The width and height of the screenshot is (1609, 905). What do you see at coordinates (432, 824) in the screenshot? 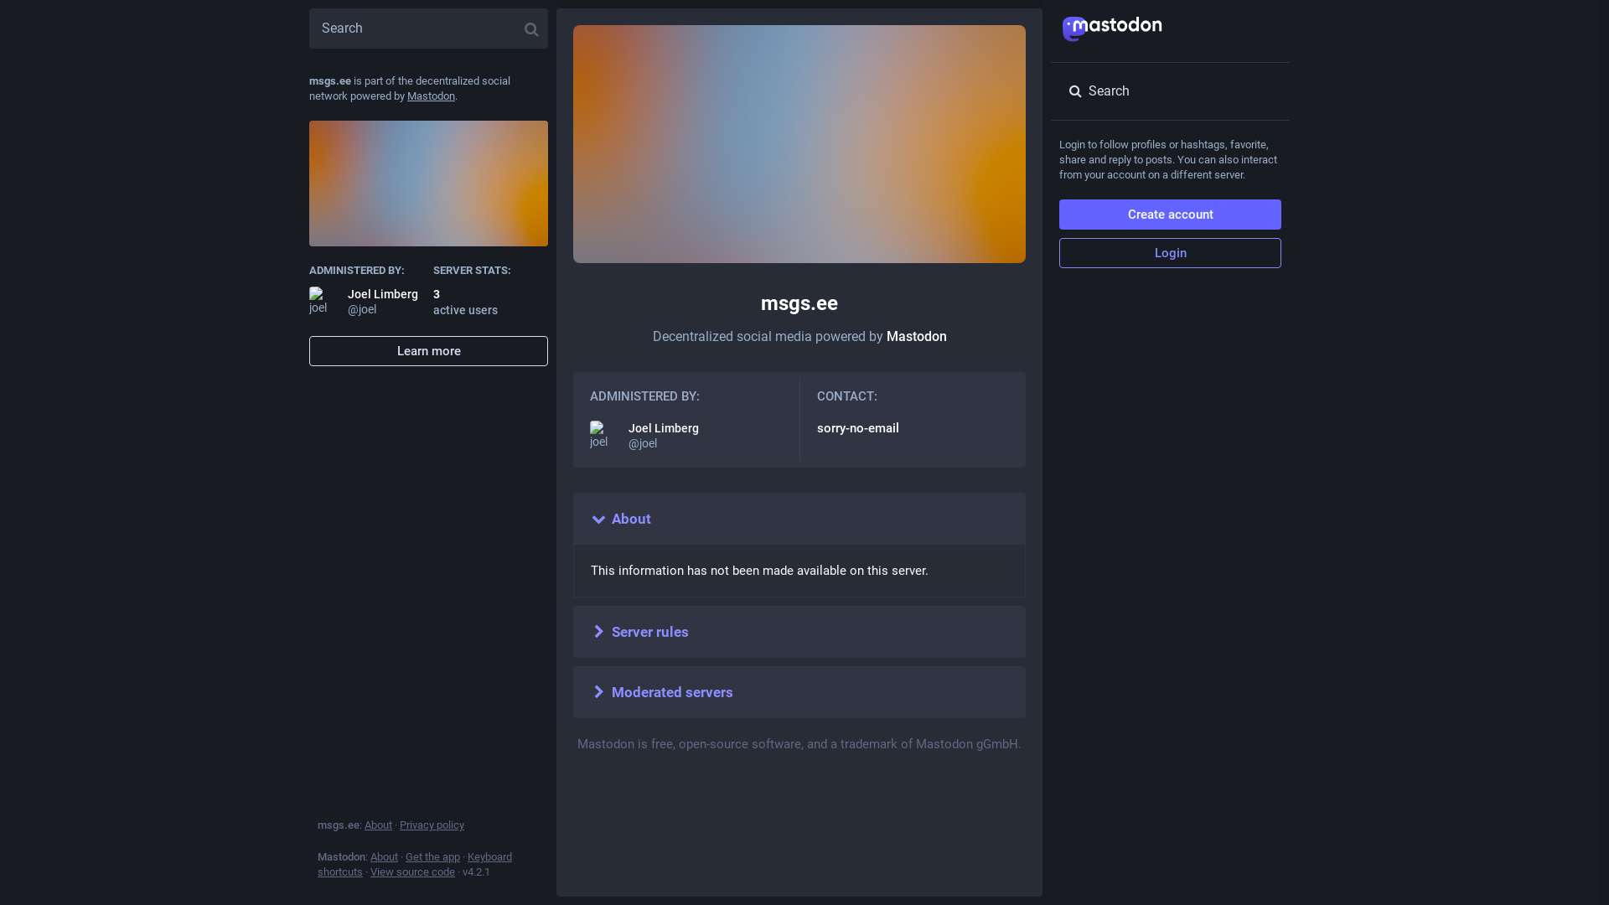
I see `'Privacy policy'` at bounding box center [432, 824].